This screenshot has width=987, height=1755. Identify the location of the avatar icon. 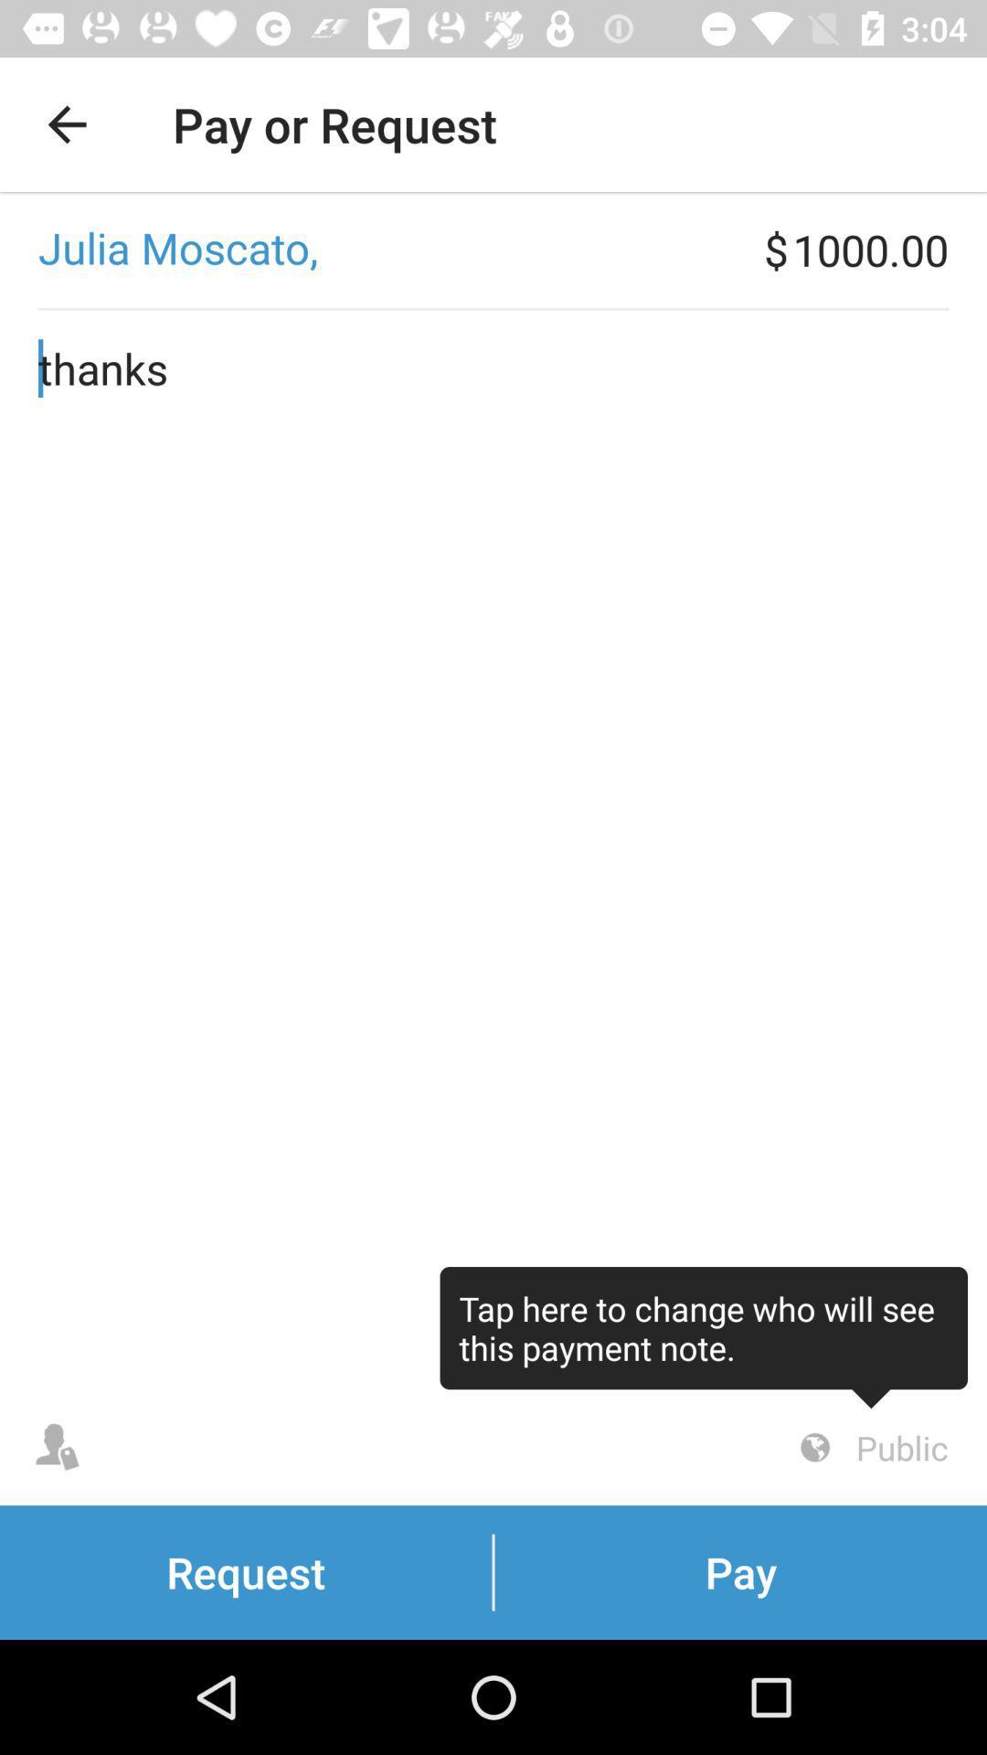
(56, 1447).